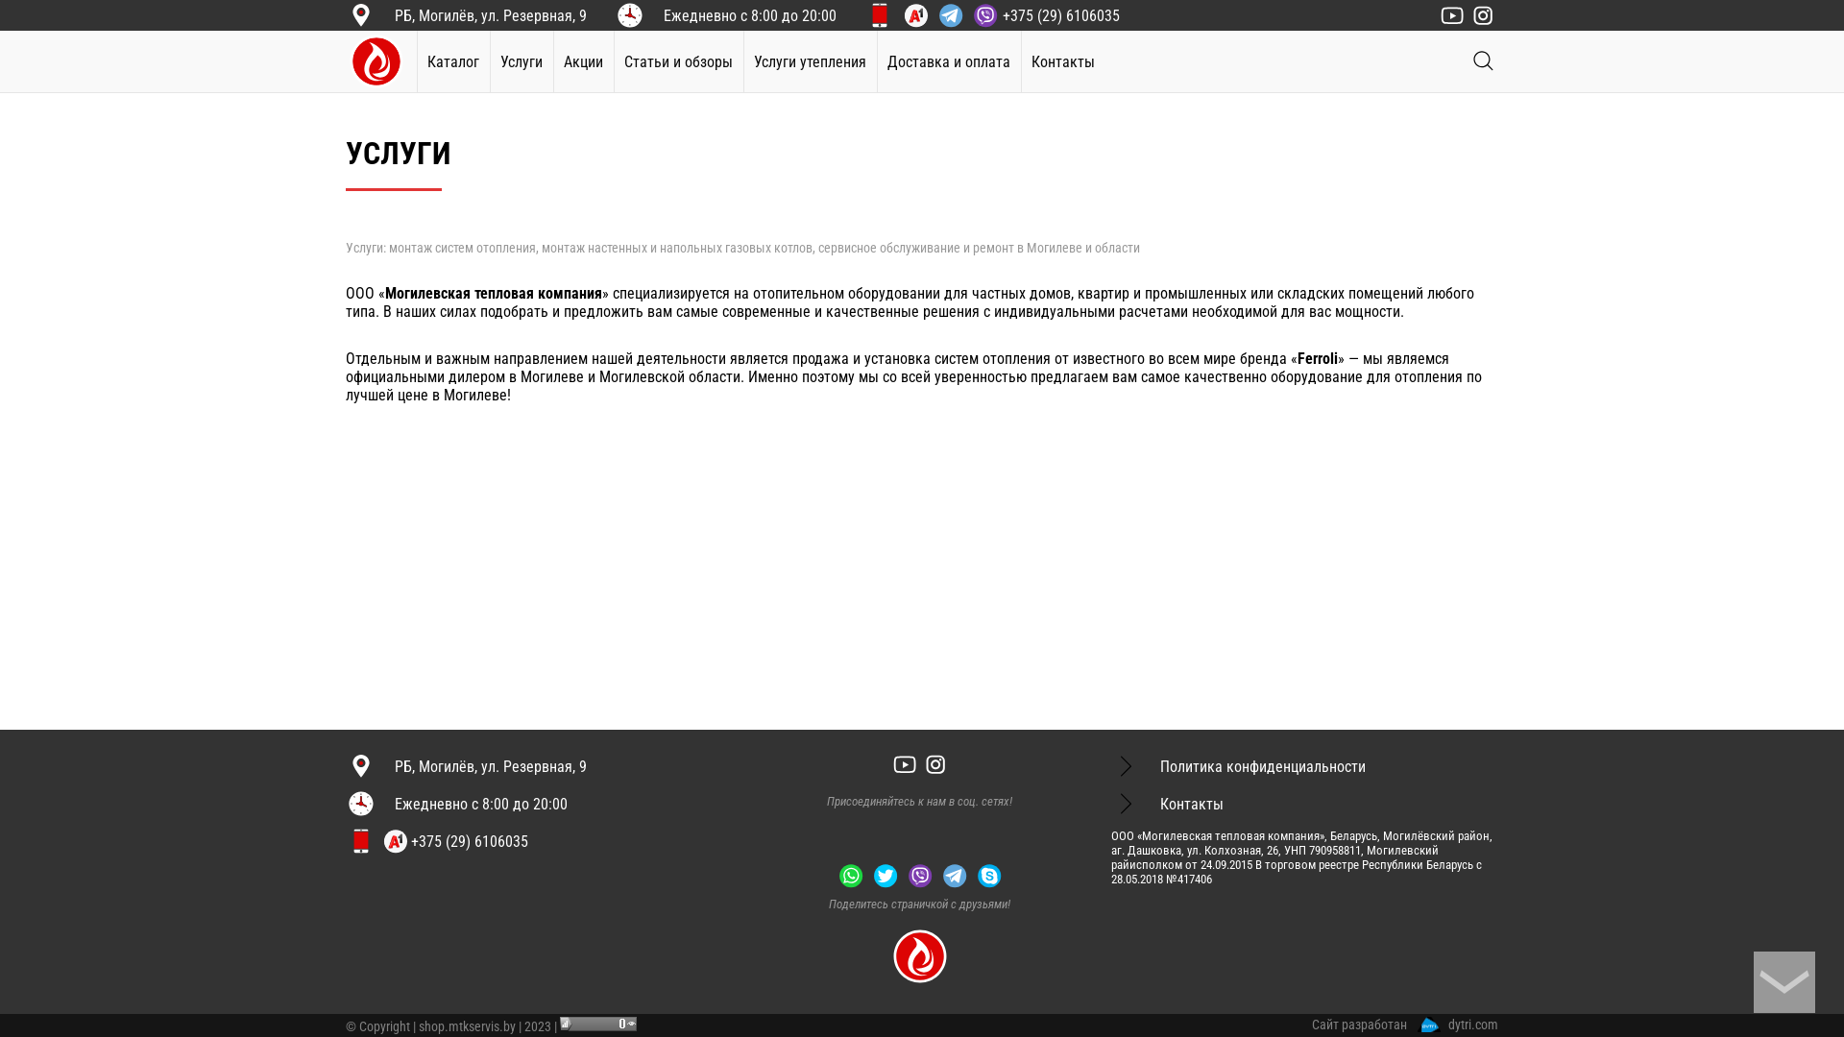  Describe the element at coordinates (850, 875) in the screenshot. I see `'WhatsApp'` at that location.